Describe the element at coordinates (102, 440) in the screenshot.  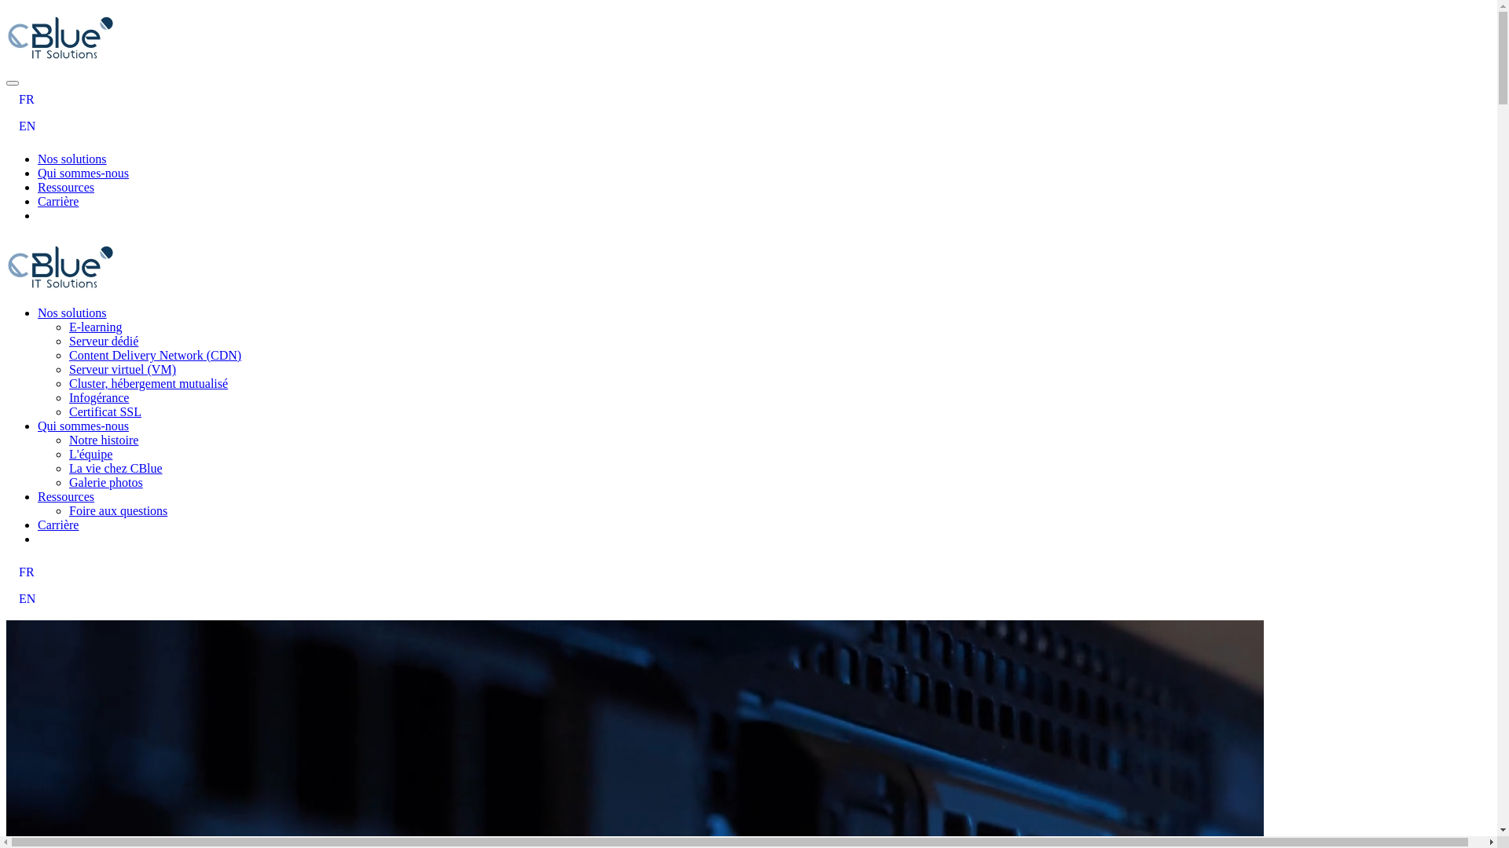
I see `'Notre histoire'` at that location.